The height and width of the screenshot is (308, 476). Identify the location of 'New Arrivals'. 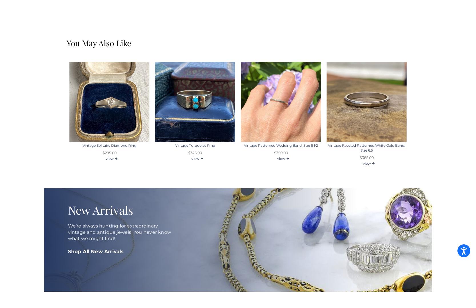
(100, 210).